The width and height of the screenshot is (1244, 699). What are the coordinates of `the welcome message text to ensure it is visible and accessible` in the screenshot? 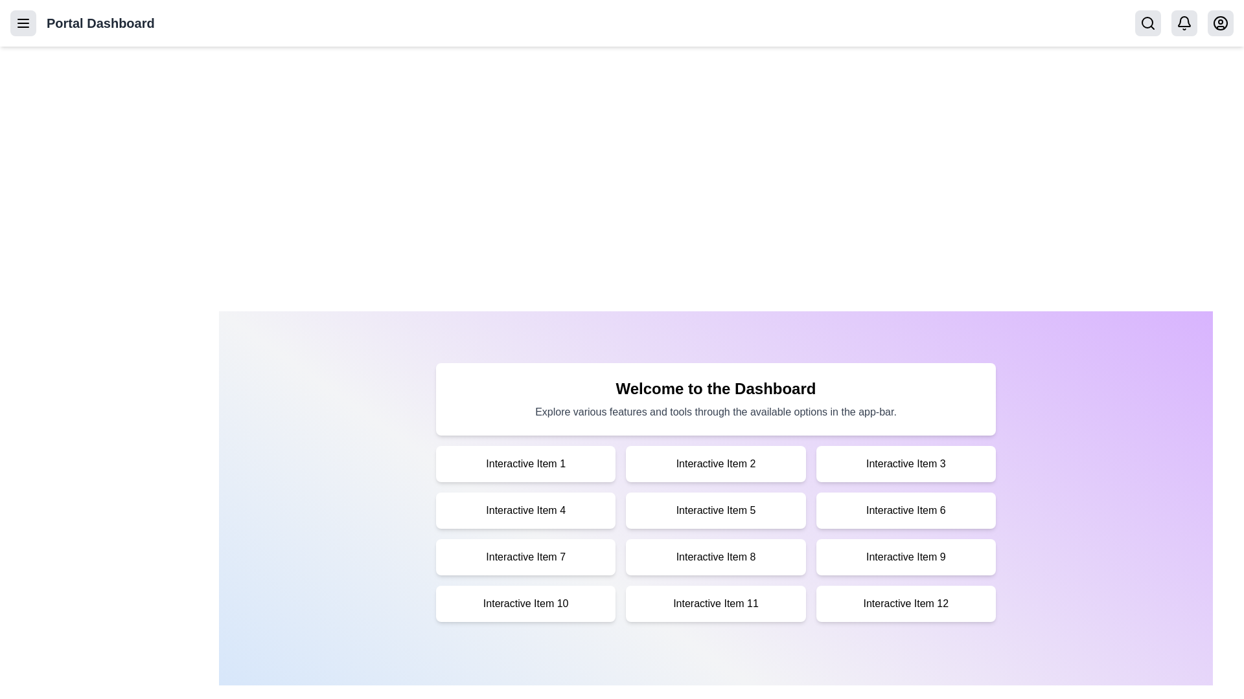 It's located at (715, 399).